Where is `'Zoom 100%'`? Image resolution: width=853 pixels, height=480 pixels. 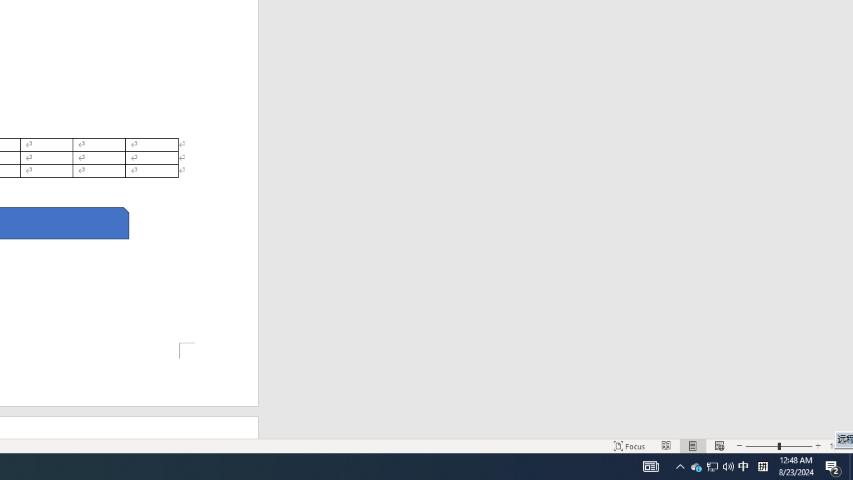 'Zoom 100%' is located at coordinates (838, 446).